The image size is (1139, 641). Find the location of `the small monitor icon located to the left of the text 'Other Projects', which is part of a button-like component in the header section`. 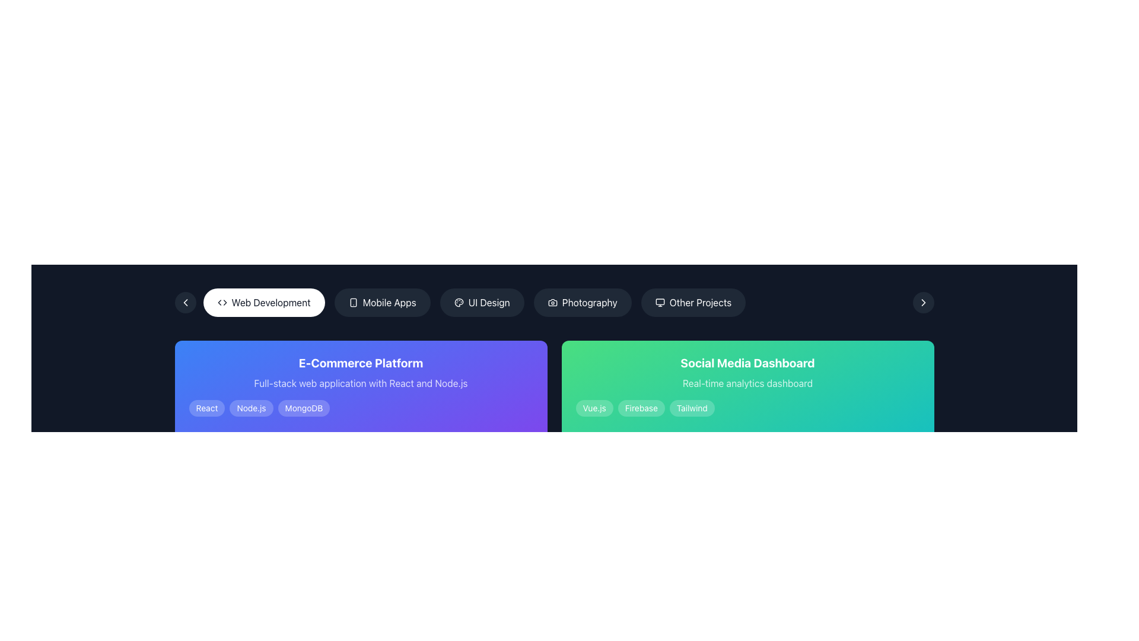

the small monitor icon located to the left of the text 'Other Projects', which is part of a button-like component in the header section is located at coordinates (659, 302).